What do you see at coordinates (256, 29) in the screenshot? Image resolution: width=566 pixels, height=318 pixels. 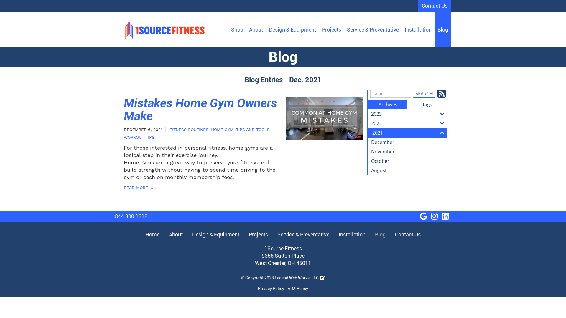 I see `'About'` at bounding box center [256, 29].